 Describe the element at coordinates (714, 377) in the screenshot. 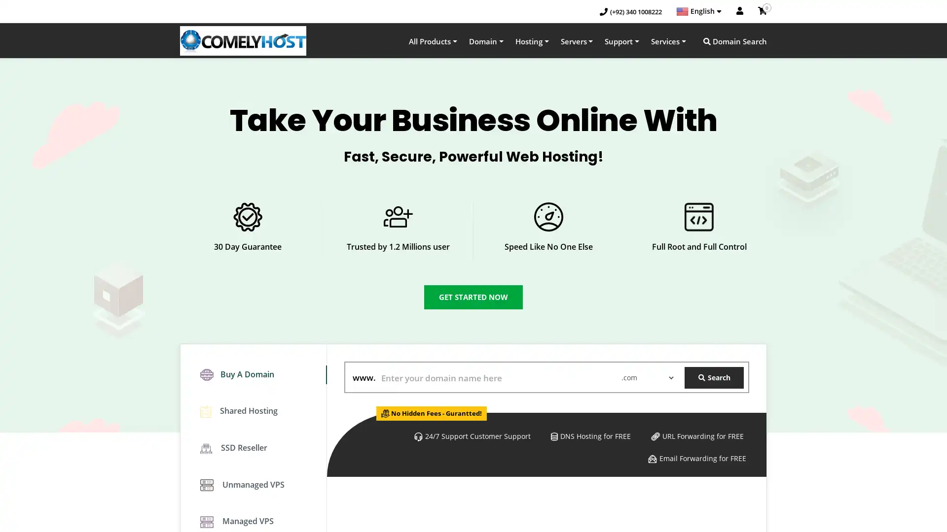

I see `Search` at that location.